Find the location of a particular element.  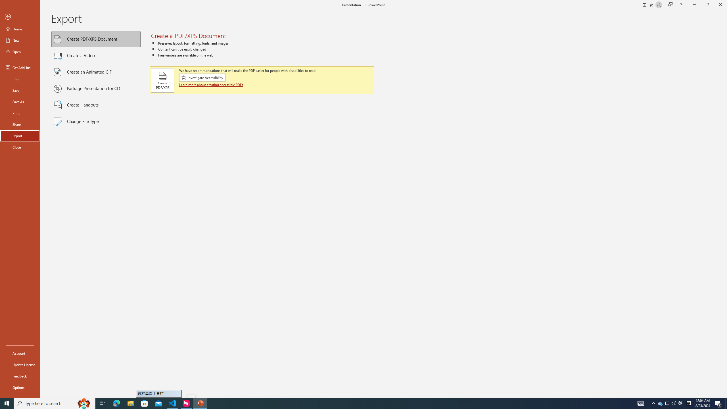

'Feedback' is located at coordinates (20, 376).